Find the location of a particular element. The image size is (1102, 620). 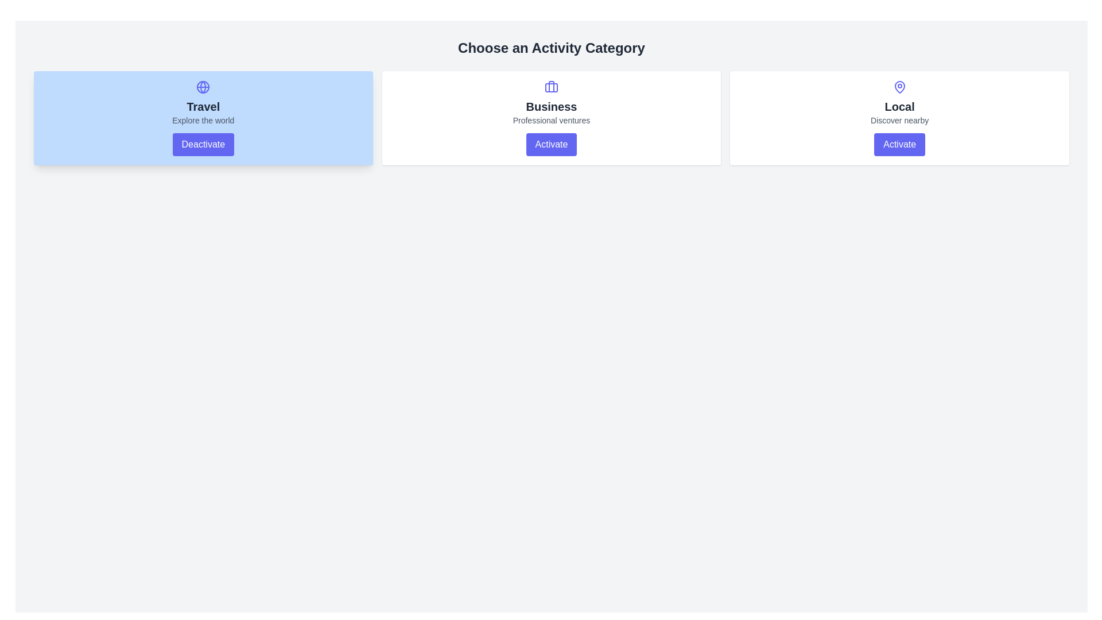

the Text label that provides a brief description for the 'Business' section, located within the 'Business' card, below the title 'Business' and above the 'Activate' button is located at coordinates (551, 120).